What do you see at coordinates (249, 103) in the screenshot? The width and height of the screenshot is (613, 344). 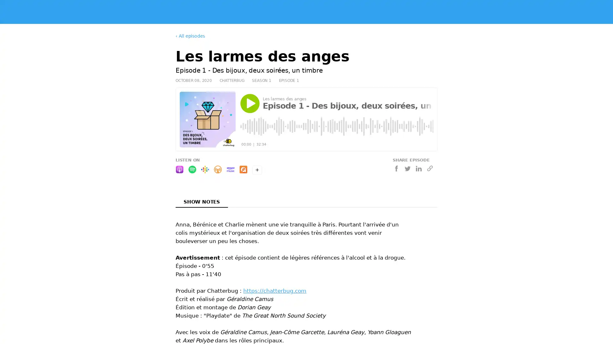 I see `Play` at bounding box center [249, 103].